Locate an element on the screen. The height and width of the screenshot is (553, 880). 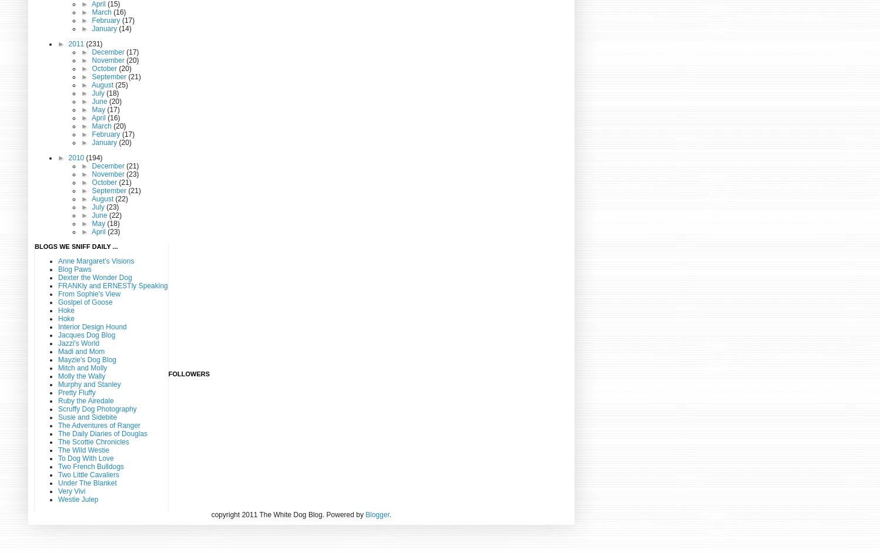
'.' is located at coordinates (390, 515).